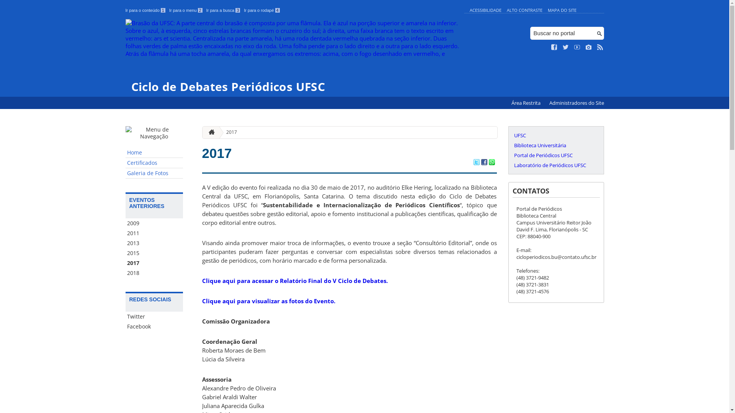 Image resolution: width=735 pixels, height=413 pixels. What do you see at coordinates (268, 300) in the screenshot?
I see `'Clique aqui para visualizar as fotos do Evento.'` at bounding box center [268, 300].